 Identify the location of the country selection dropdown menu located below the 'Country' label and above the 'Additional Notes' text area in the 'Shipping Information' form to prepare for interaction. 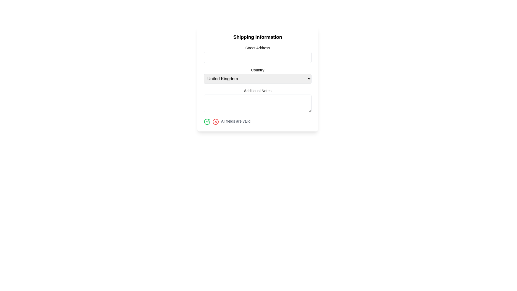
(257, 75).